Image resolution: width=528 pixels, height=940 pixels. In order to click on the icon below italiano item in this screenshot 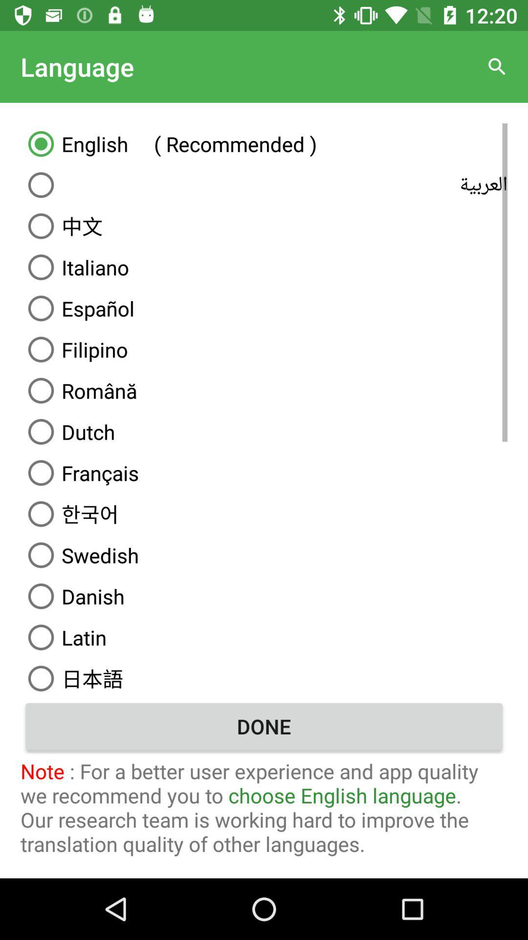, I will do `click(264, 307)`.